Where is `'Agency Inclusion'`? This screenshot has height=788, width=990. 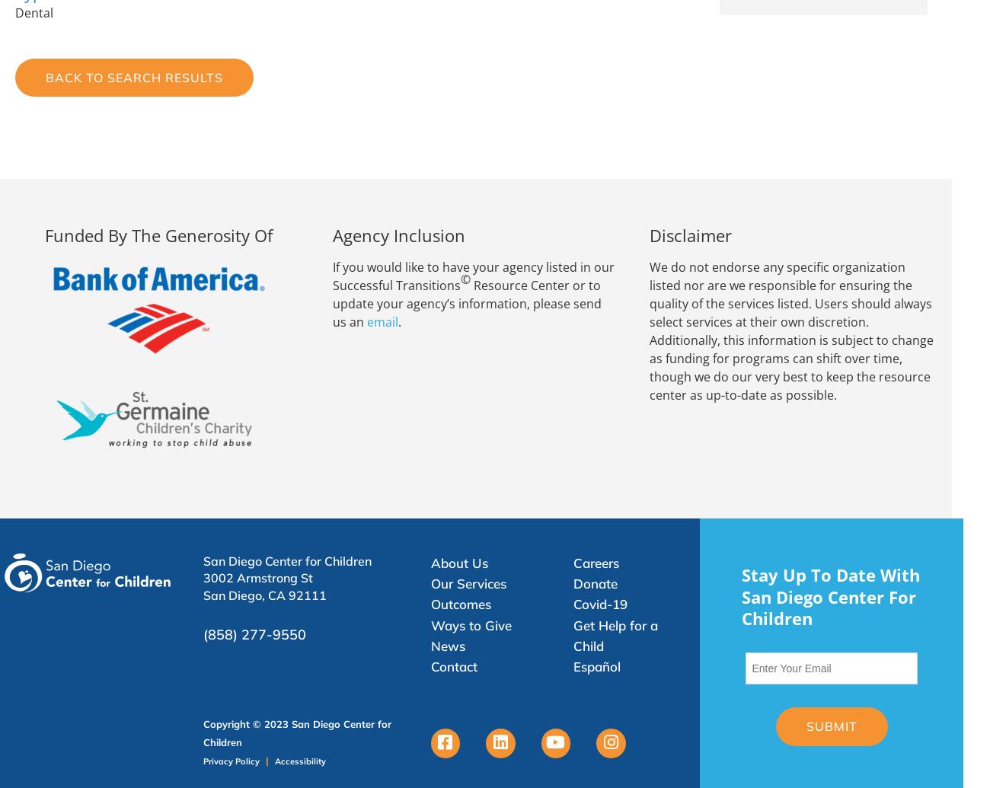 'Agency Inclusion' is located at coordinates (398, 235).